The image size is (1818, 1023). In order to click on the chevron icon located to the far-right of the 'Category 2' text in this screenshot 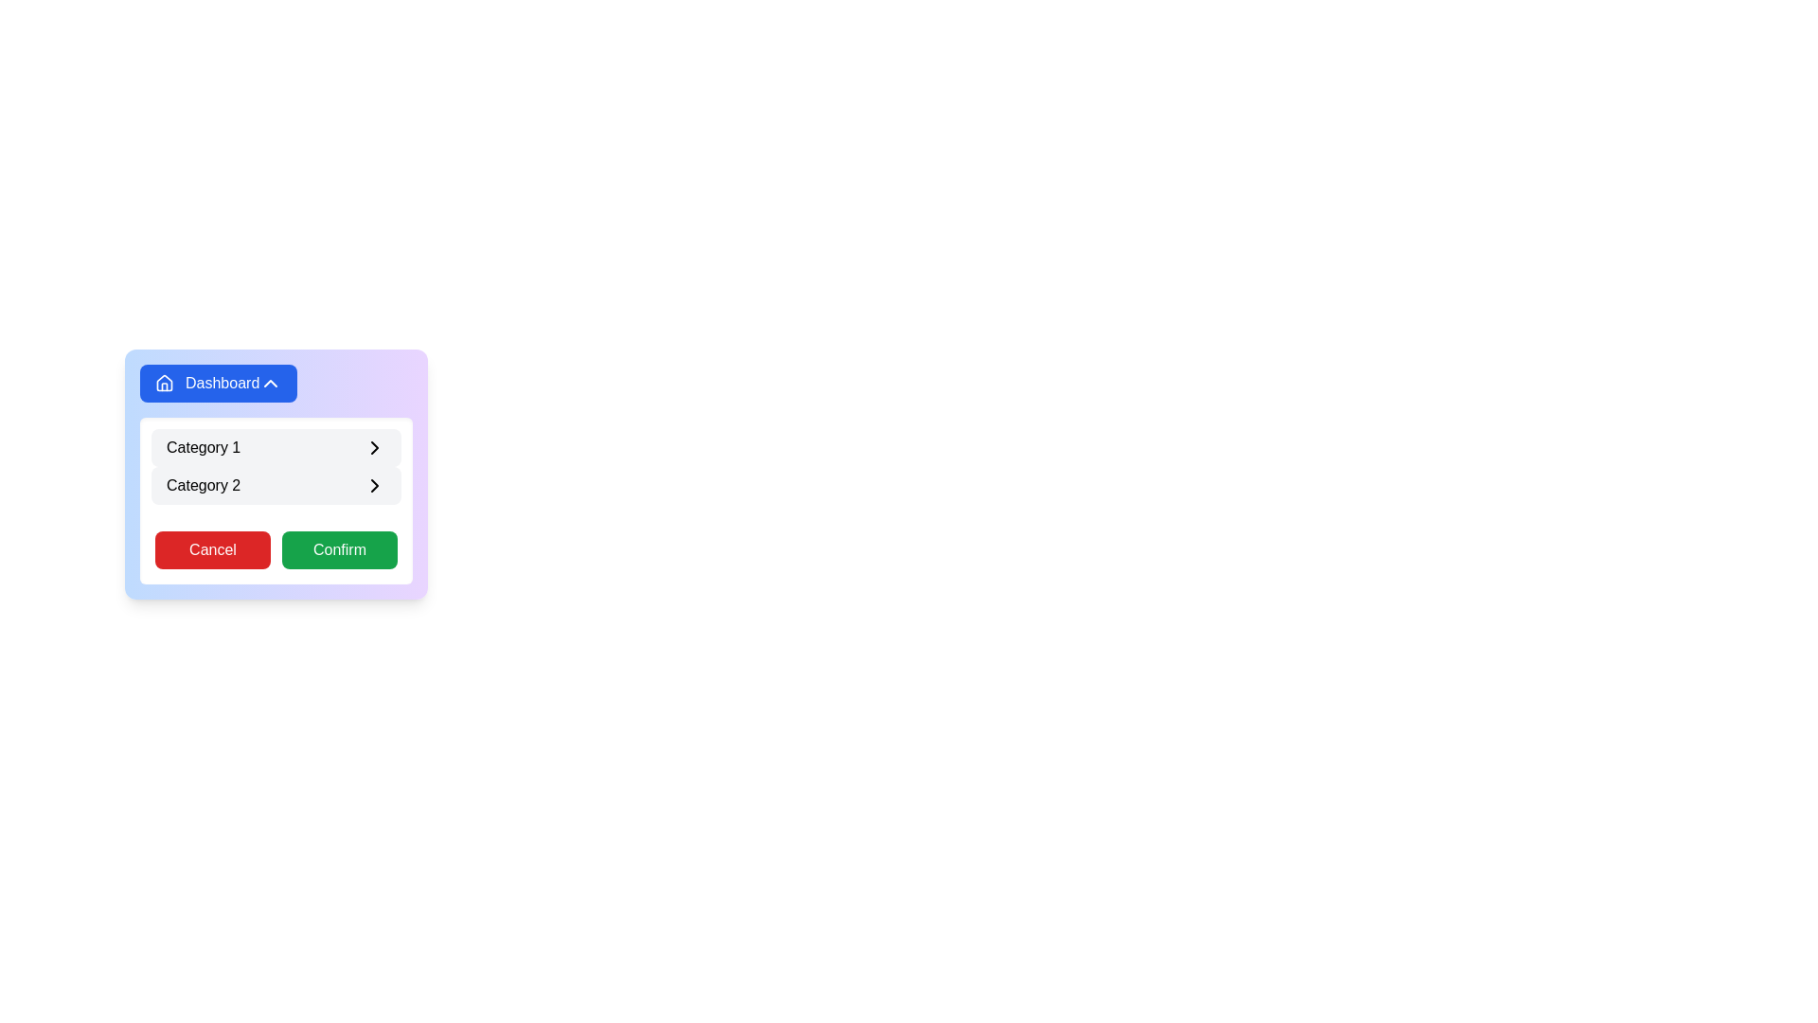, I will do `click(374, 485)`.